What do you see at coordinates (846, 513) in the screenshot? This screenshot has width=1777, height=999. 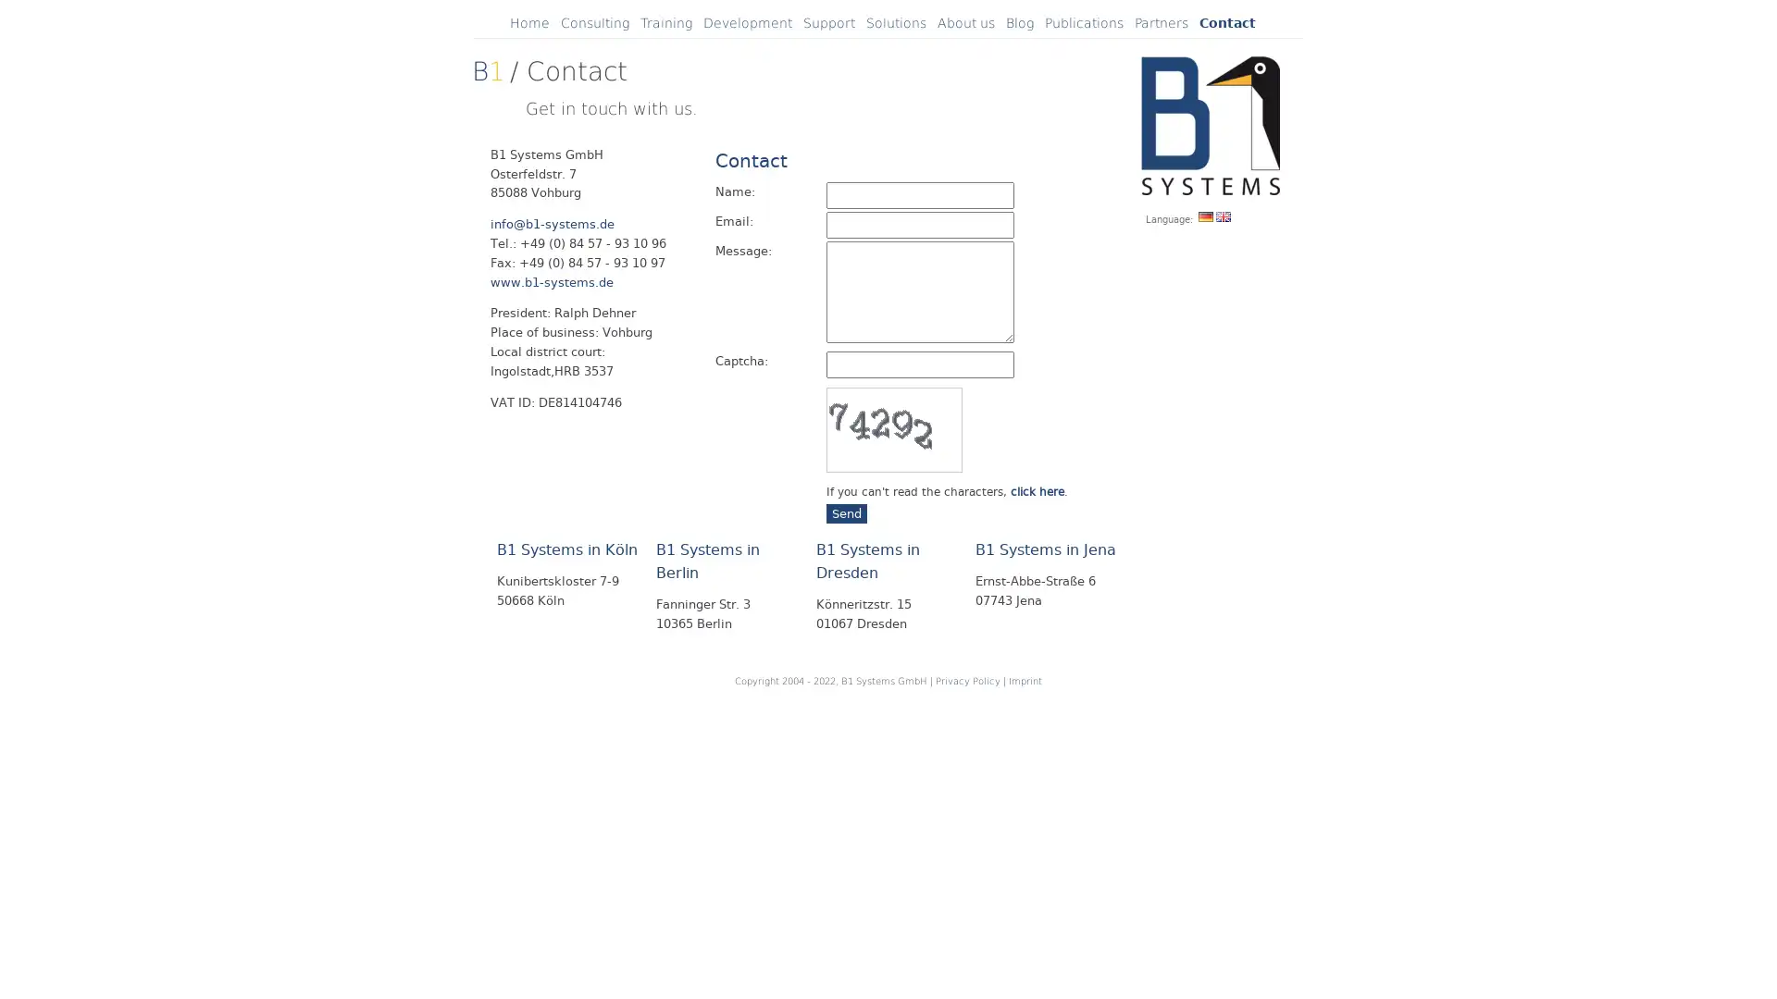 I see `Send` at bounding box center [846, 513].